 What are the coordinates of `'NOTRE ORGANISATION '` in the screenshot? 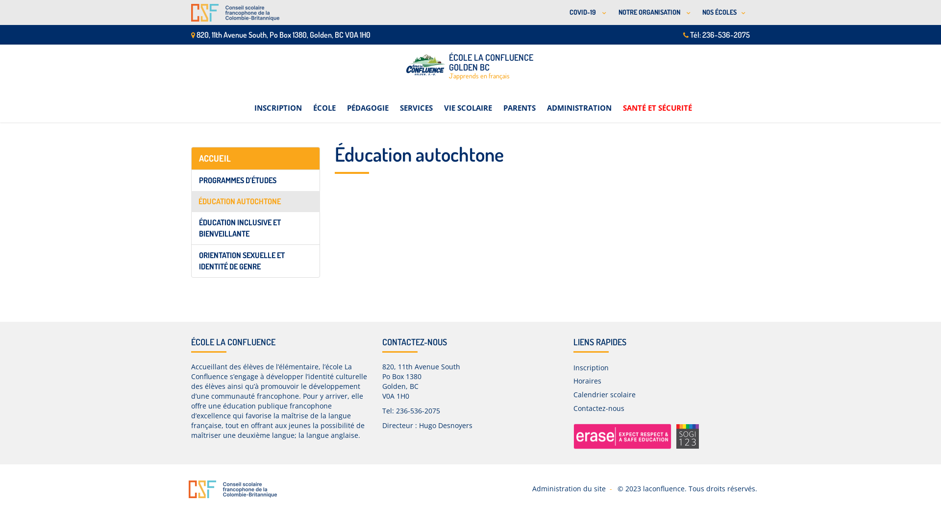 It's located at (652, 12).